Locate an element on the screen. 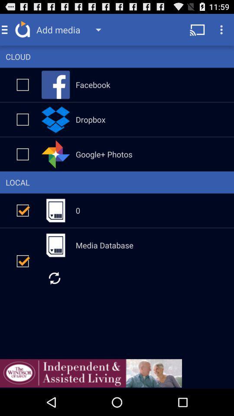  click option is located at coordinates (23, 119).